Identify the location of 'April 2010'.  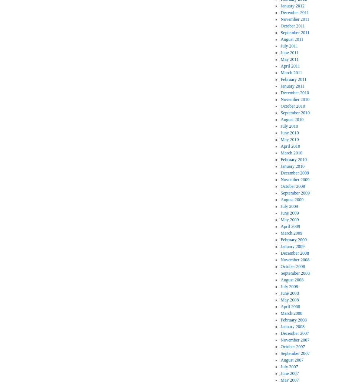
(280, 146).